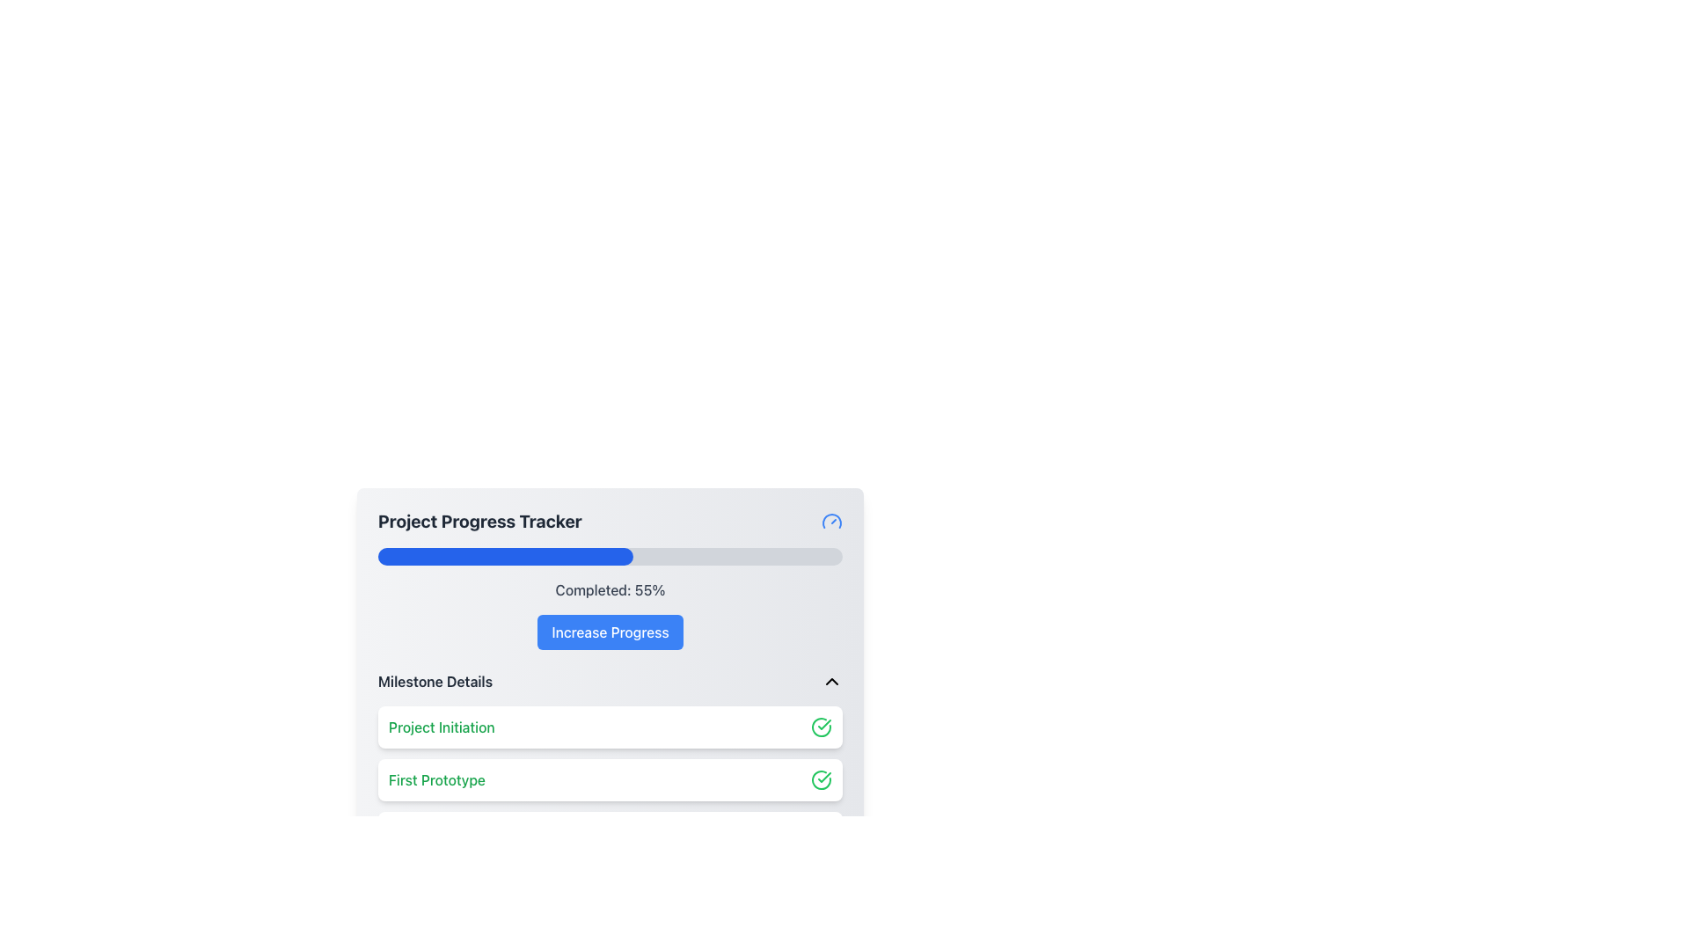 The image size is (1689, 950). What do you see at coordinates (505, 556) in the screenshot?
I see `the progress-filled section of the progress bar, which has a blue background and rounded edges, located under the 'Project Progress Tracker' heading` at bounding box center [505, 556].